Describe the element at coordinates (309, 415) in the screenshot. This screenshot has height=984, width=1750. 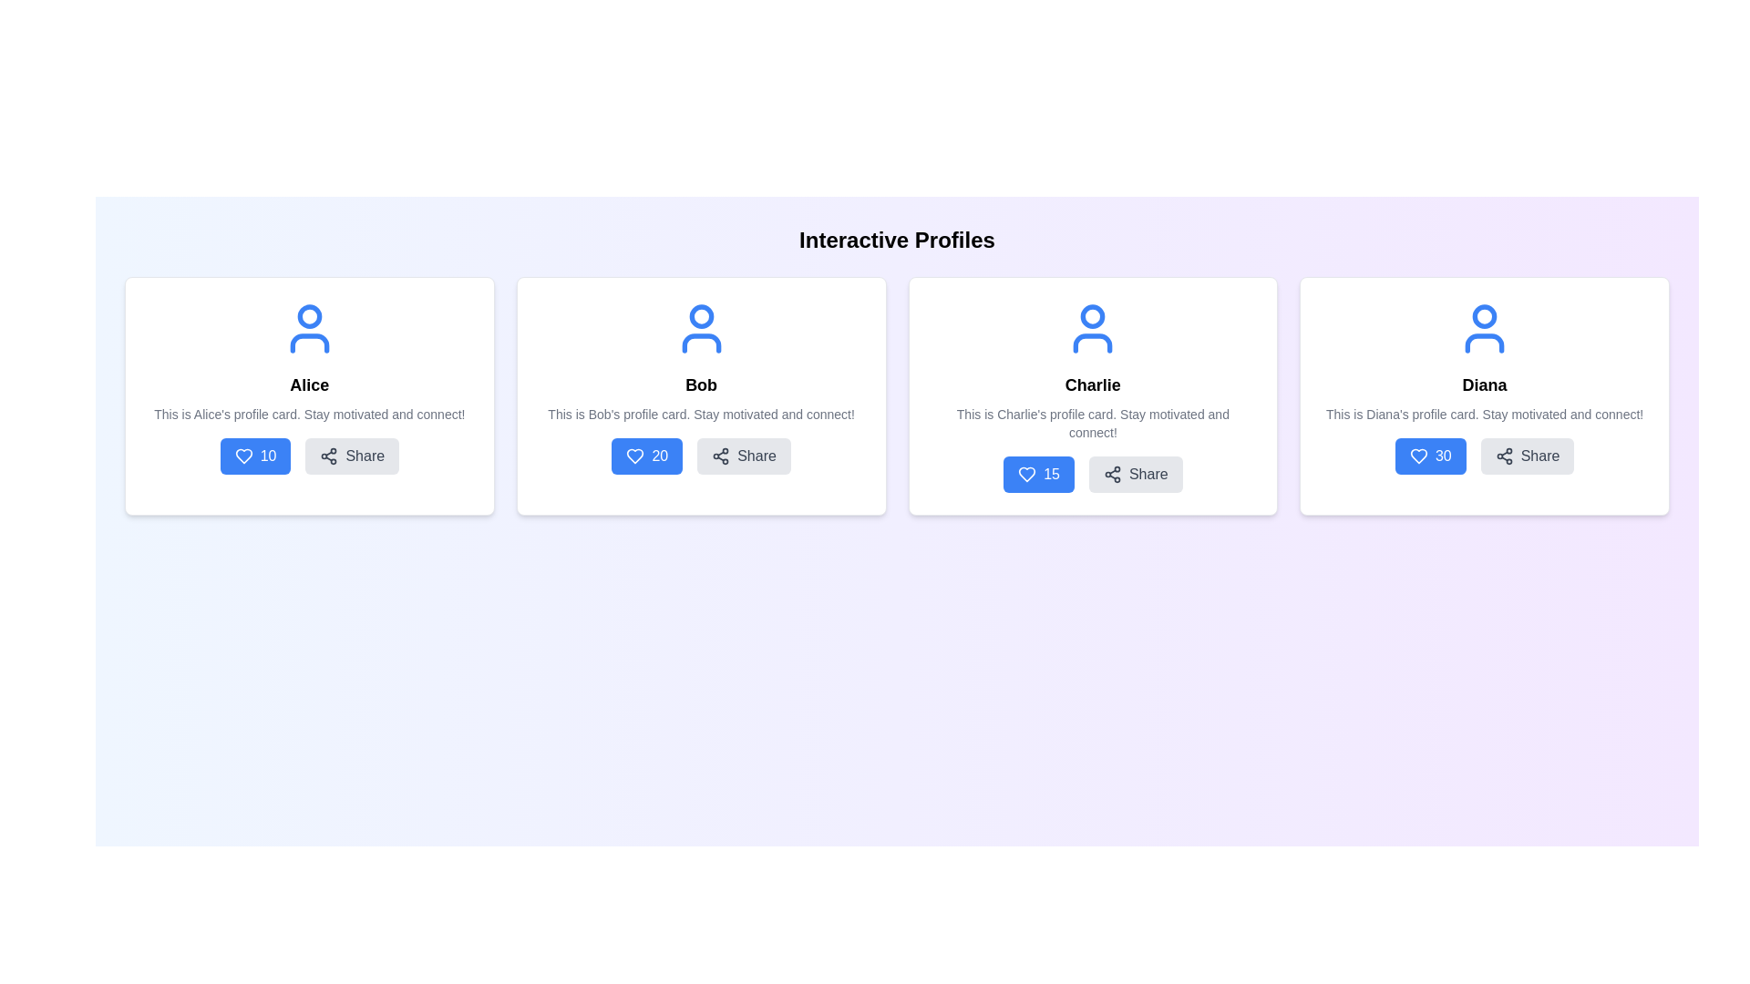
I see `the text element that provides a brief description of Alice's profile, located below her name and above the interactive elements '10' and 'Share'` at that location.